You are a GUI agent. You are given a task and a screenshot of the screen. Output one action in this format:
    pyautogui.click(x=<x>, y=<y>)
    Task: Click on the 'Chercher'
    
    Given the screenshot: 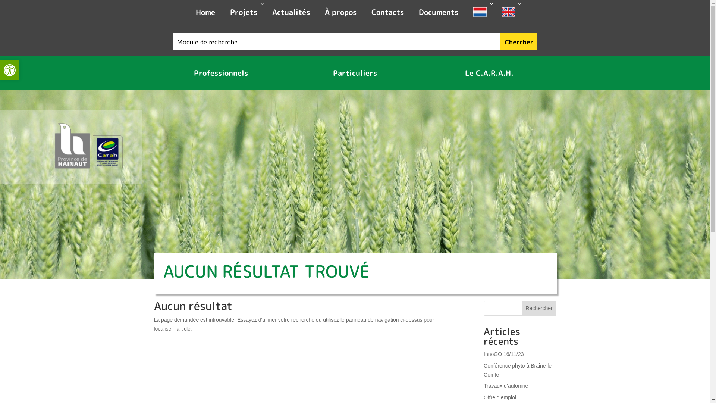 What is the action you would take?
    pyautogui.click(x=500, y=41)
    